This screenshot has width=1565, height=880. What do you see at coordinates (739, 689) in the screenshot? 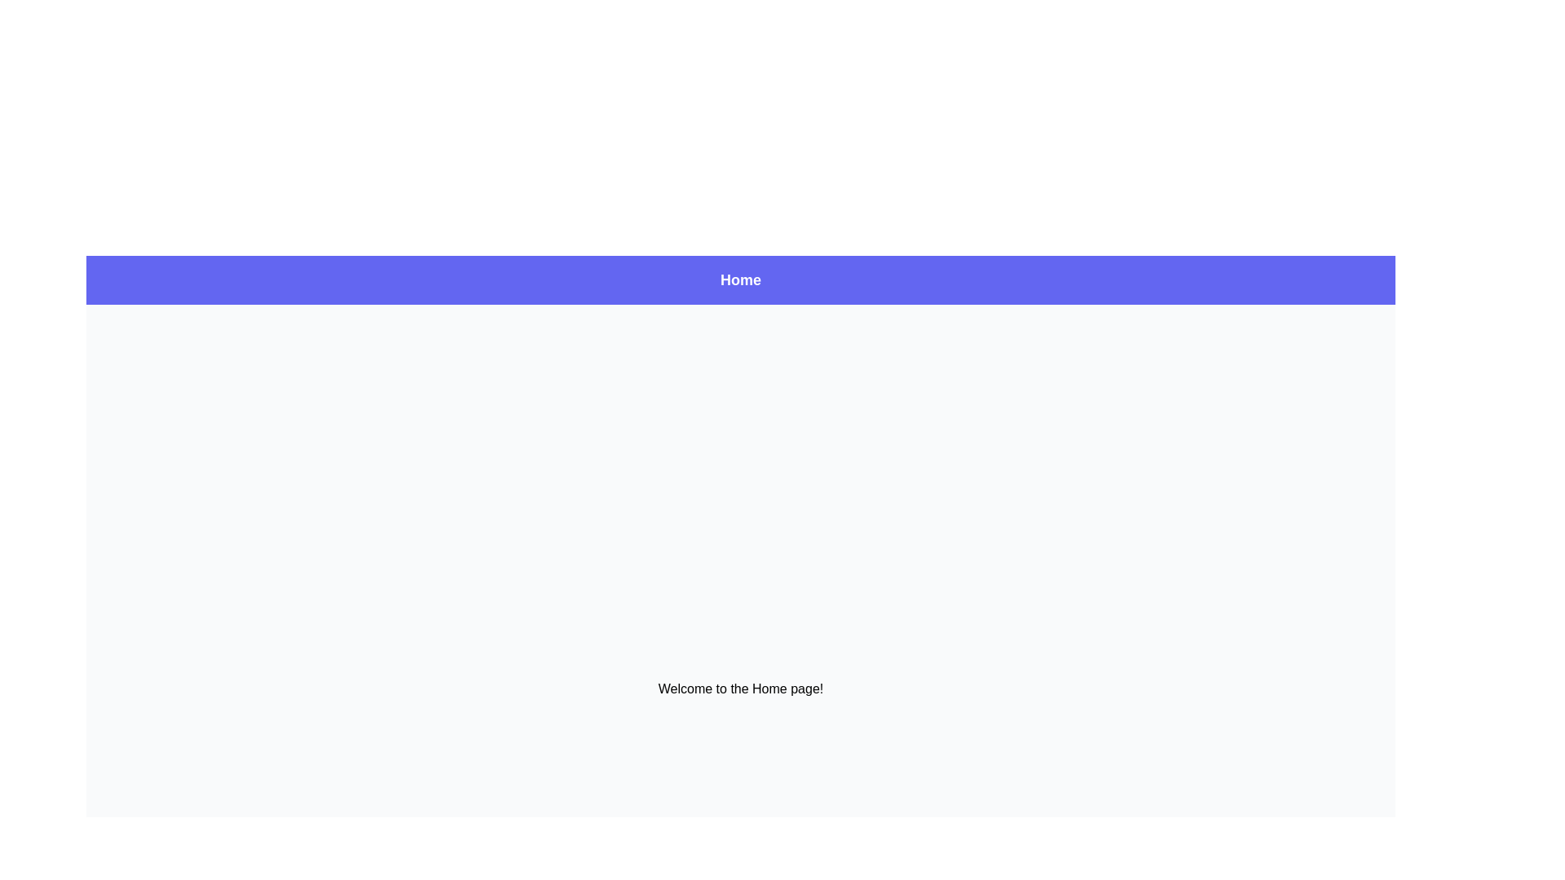
I see `the centered text element displaying the greeting message 'Welcome to the Home page!'` at bounding box center [739, 689].